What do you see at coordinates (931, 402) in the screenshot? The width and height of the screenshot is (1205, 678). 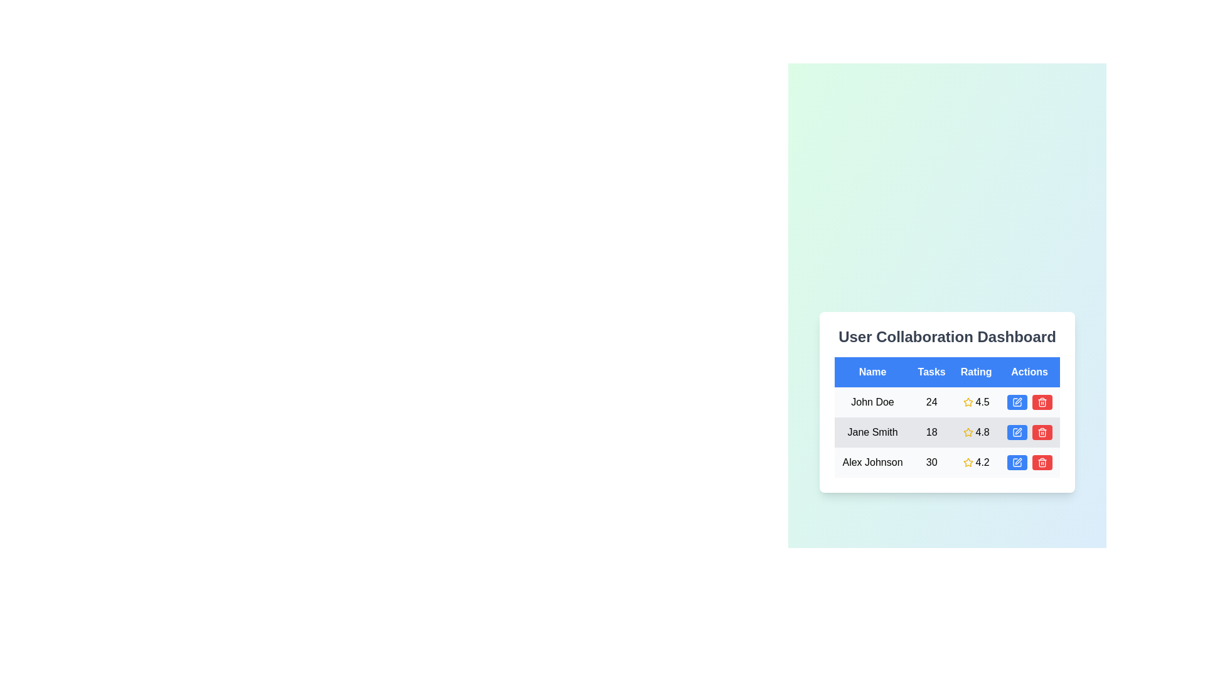 I see `the Text Display Field that shows the number of tasks assigned to 'John Doe', located in the 'Tasks' column beneath the header` at bounding box center [931, 402].